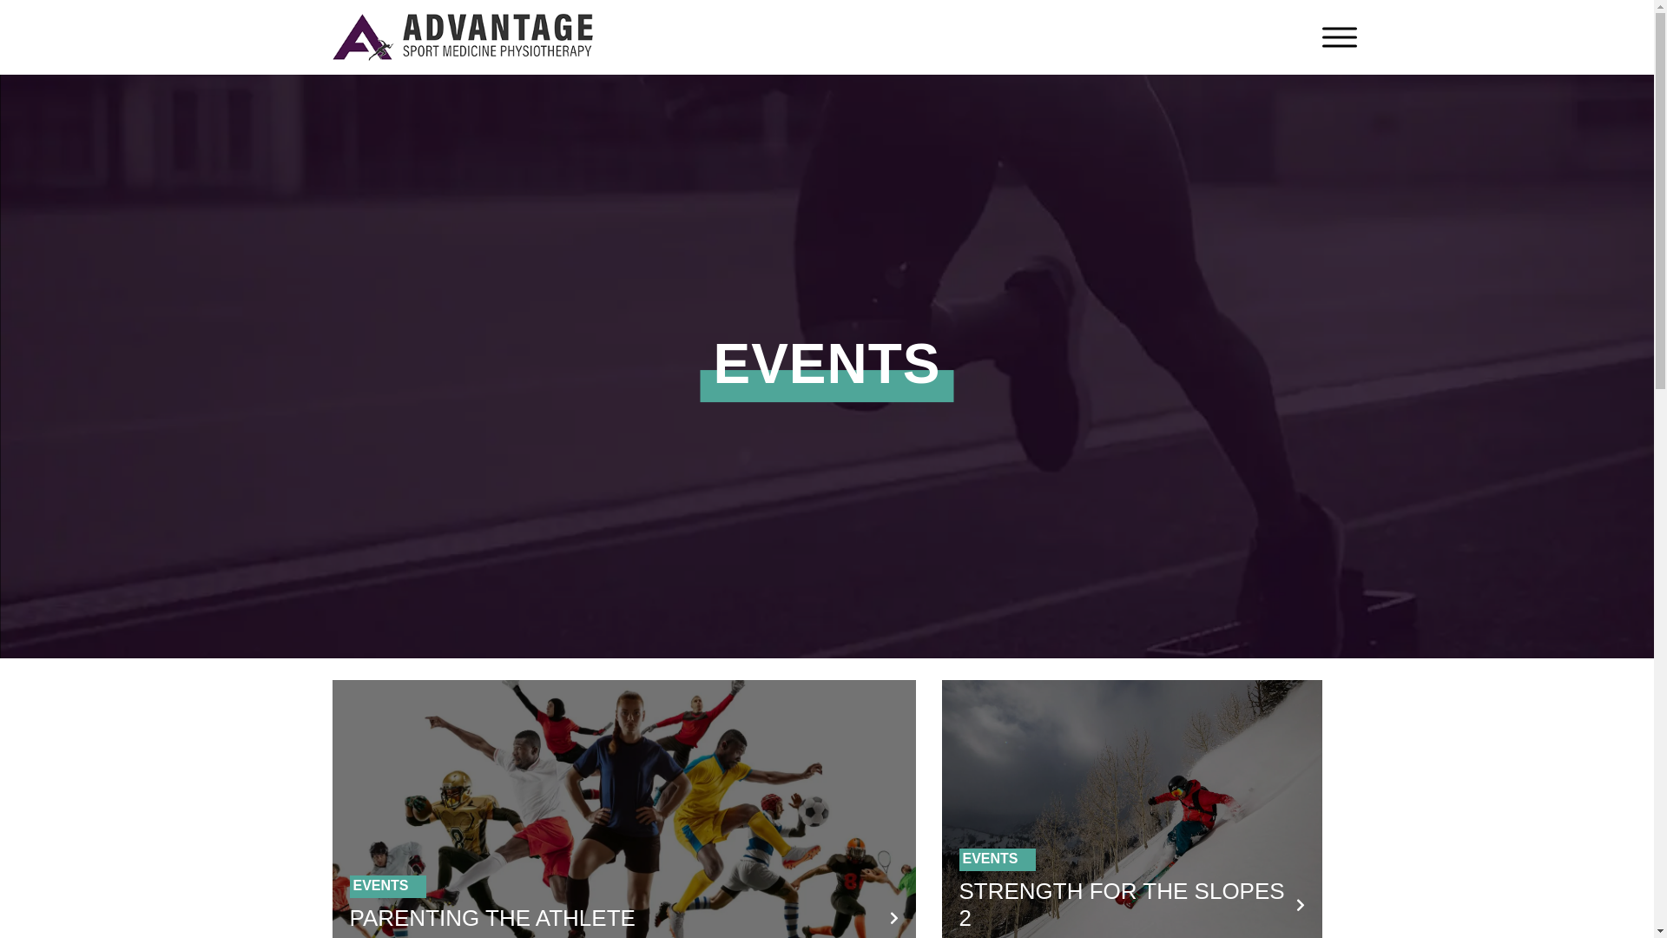 The image size is (1667, 938). What do you see at coordinates (990, 857) in the screenshot?
I see `'EVENTS'` at bounding box center [990, 857].